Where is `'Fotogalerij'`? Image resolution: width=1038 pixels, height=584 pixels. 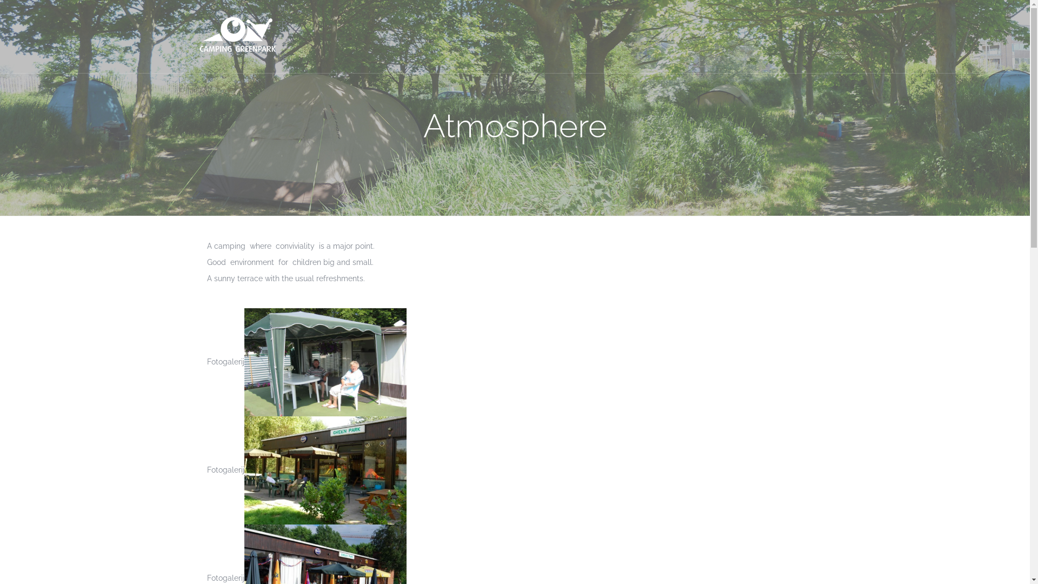 'Fotogalerij' is located at coordinates (207, 577).